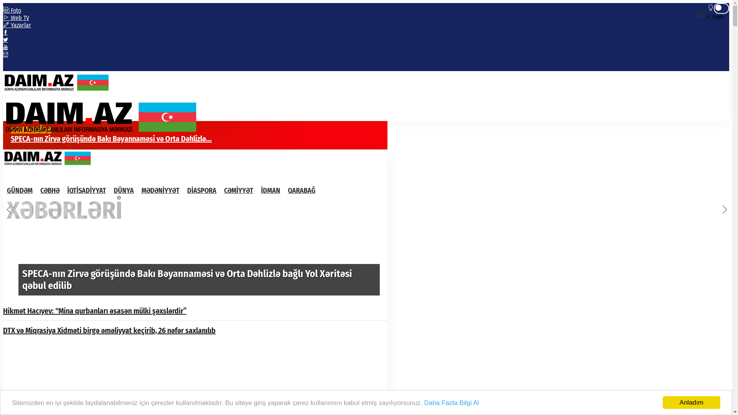 This screenshot has width=738, height=415. Describe the element at coordinates (16, 17) in the screenshot. I see `'Web TV'` at that location.